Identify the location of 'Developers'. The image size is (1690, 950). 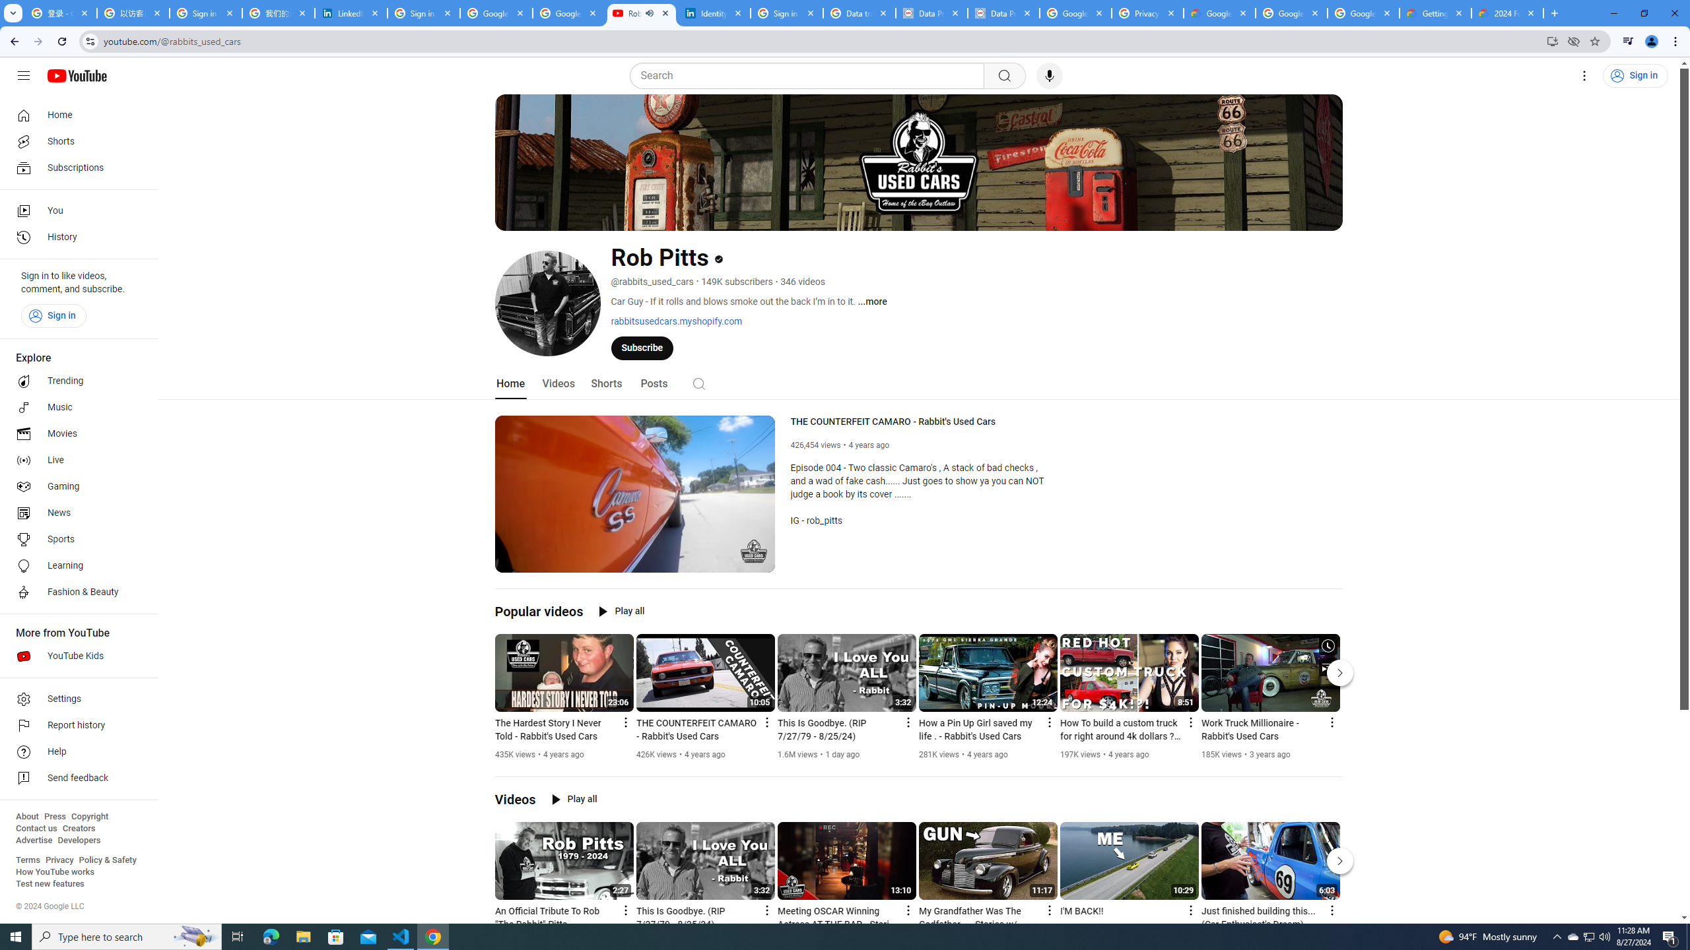
(79, 839).